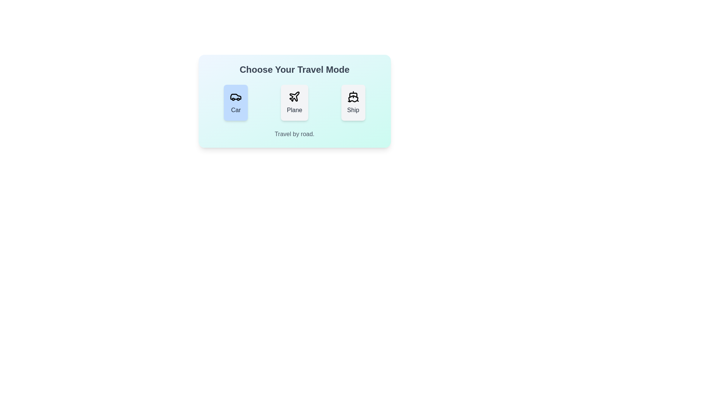 Image resolution: width=721 pixels, height=405 pixels. Describe the element at coordinates (353, 102) in the screenshot. I see `the travel mode button for Ship` at that location.